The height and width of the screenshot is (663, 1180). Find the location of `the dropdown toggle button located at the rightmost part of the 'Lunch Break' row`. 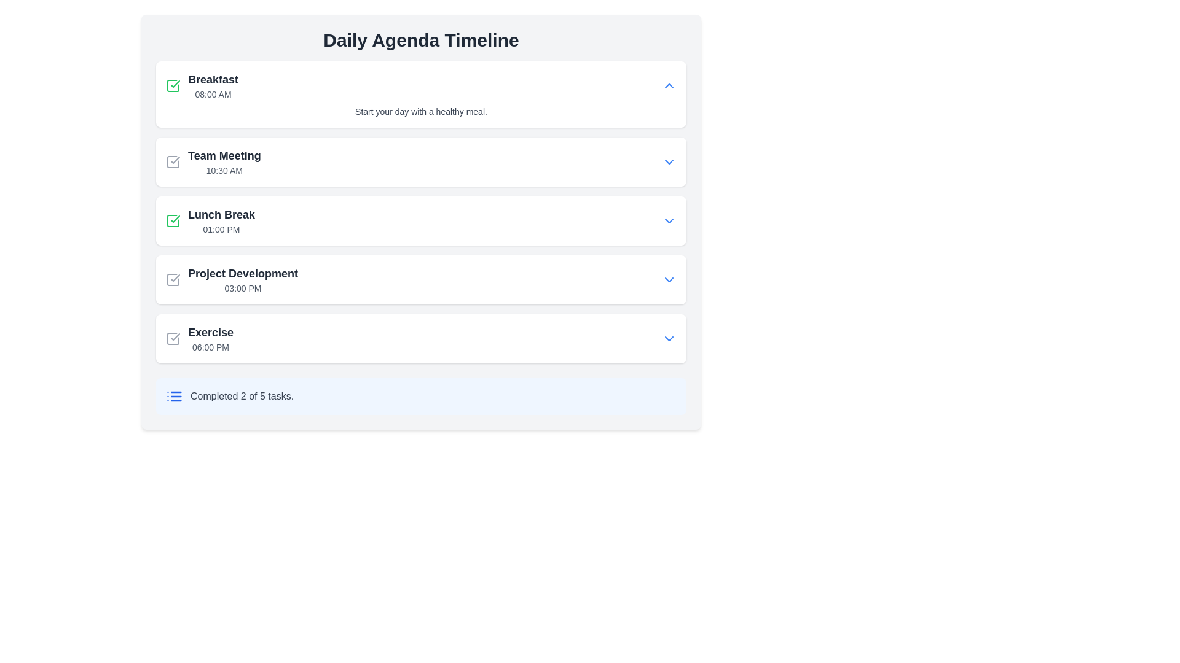

the dropdown toggle button located at the rightmost part of the 'Lunch Break' row is located at coordinates (669, 220).